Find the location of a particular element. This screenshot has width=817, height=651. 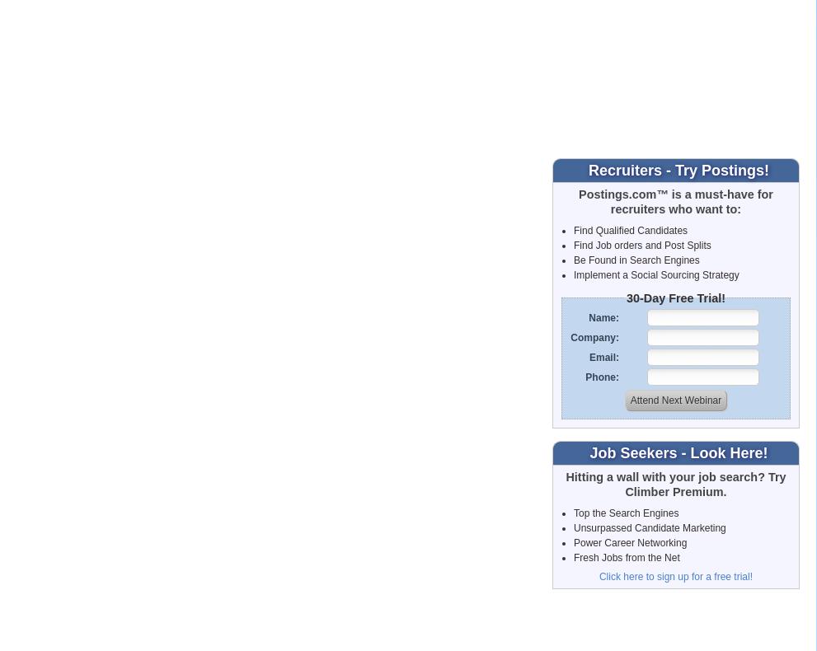

'30-Day Free Trial!' is located at coordinates (625, 297).